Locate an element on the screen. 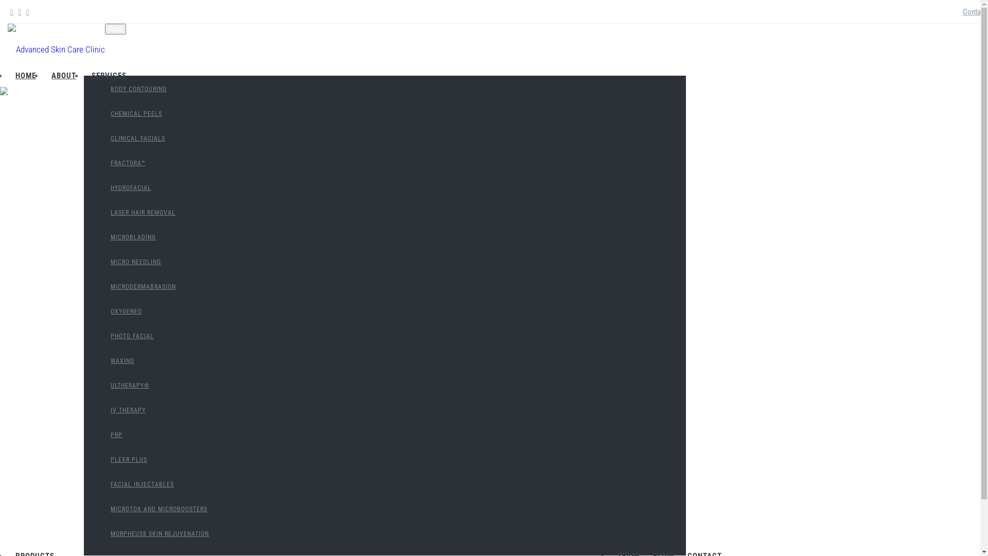  'OXYGENEO' is located at coordinates (111, 311).